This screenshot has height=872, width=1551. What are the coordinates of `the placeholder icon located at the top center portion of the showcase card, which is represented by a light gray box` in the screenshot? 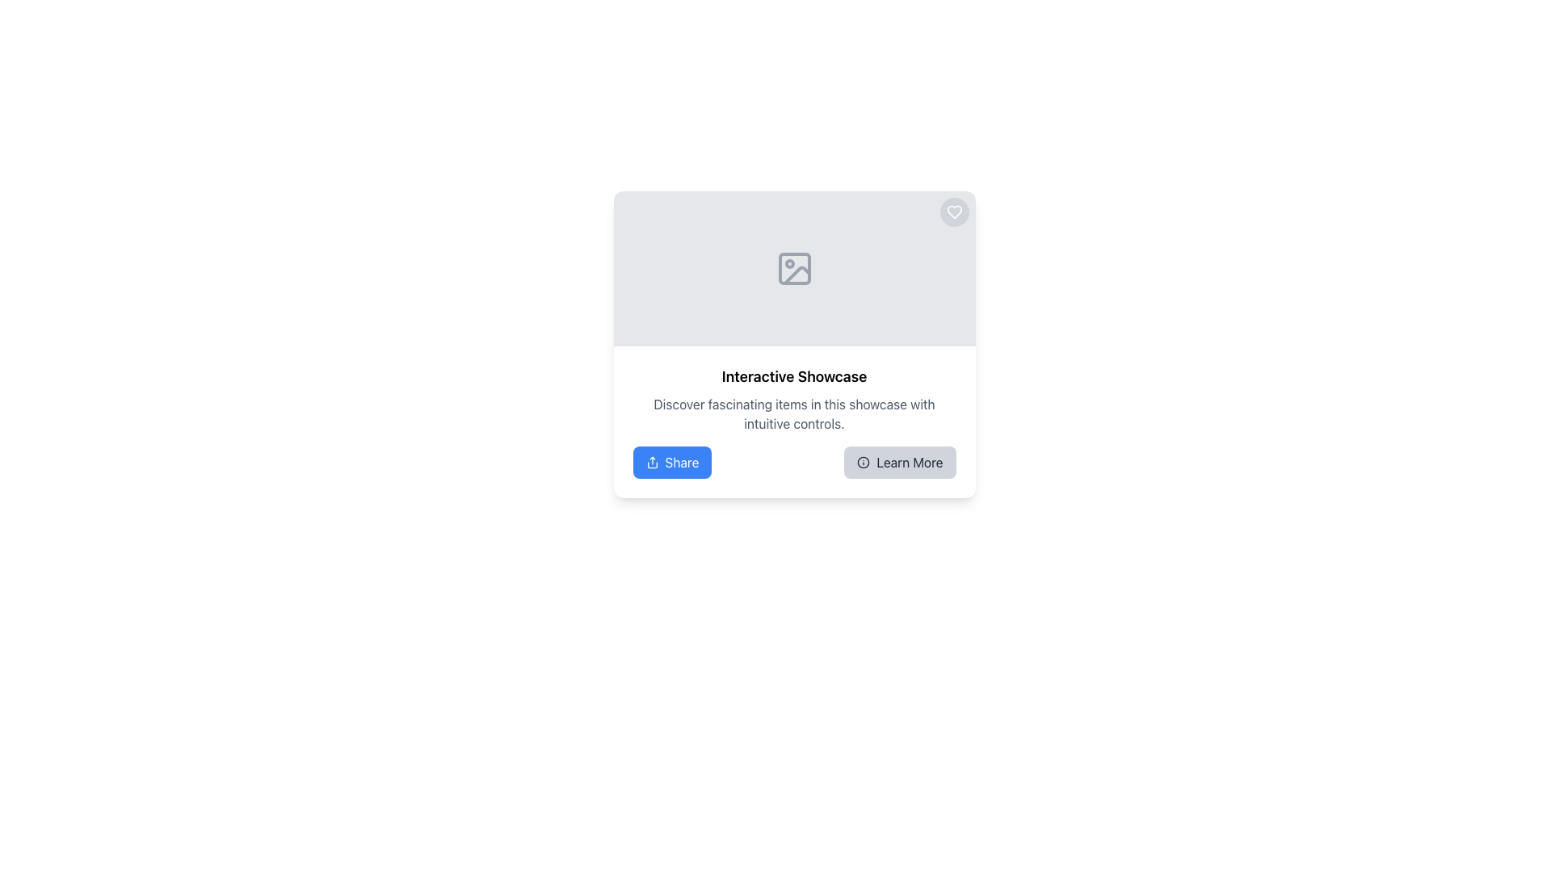 It's located at (794, 267).